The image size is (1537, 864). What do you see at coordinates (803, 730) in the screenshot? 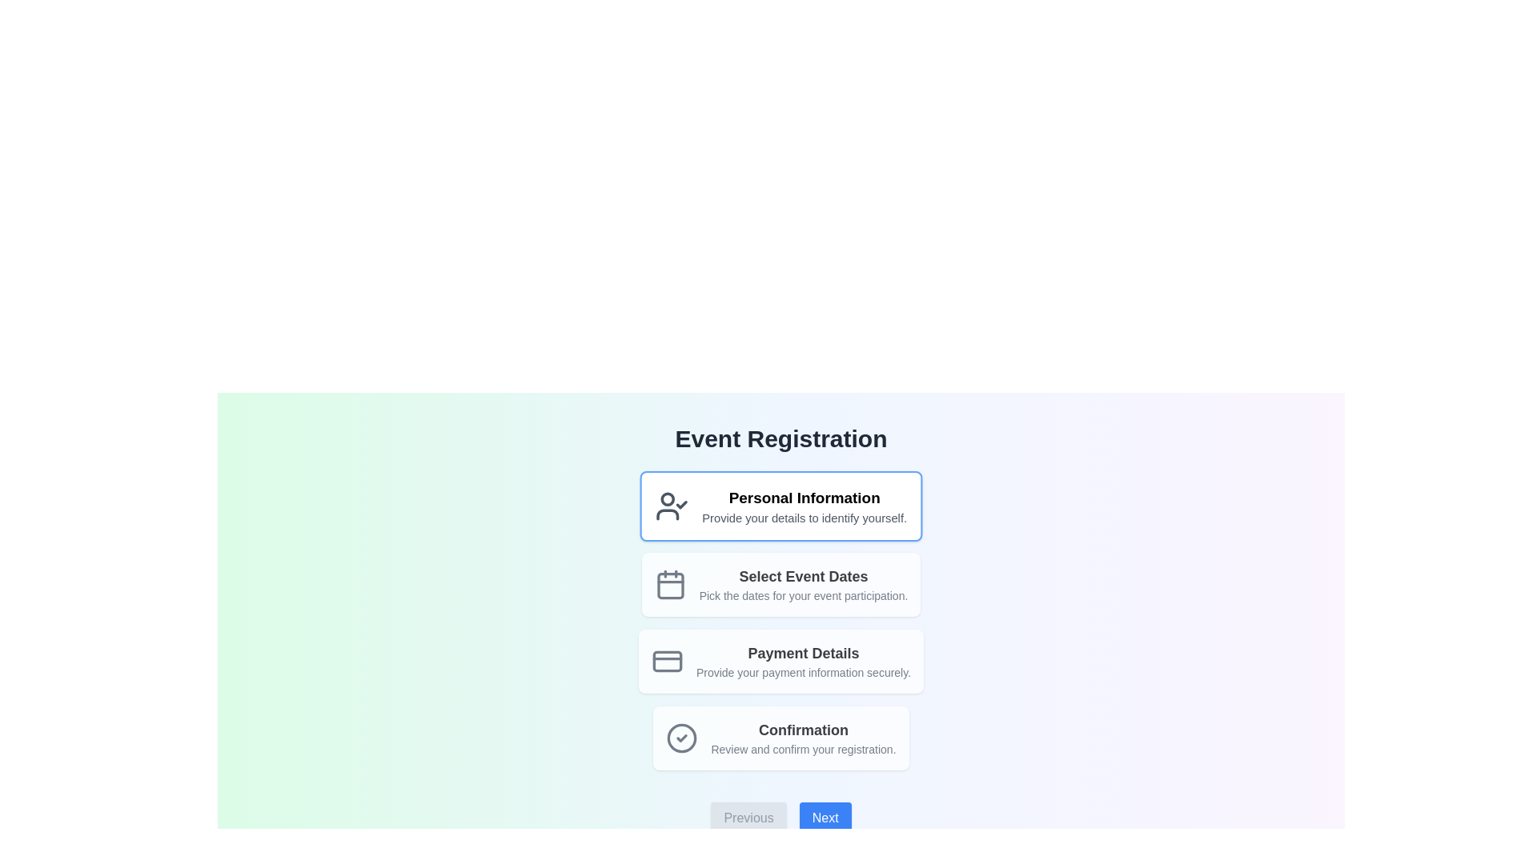
I see `the text label styled in bold font that displays 'Confirmation', located at the bottom-most button-like section of the event registration interface` at bounding box center [803, 730].